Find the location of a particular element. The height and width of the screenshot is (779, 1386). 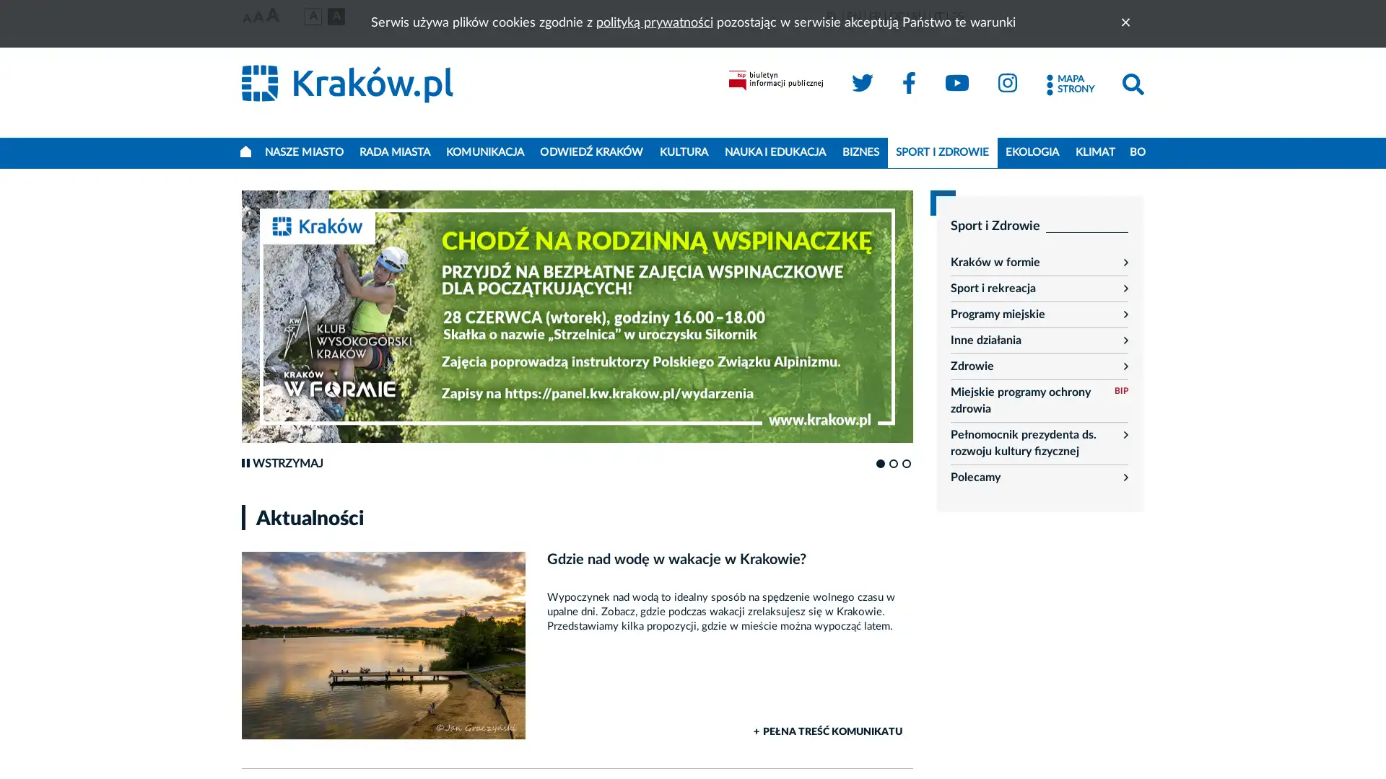

Szukaj is located at coordinates (1132, 84).